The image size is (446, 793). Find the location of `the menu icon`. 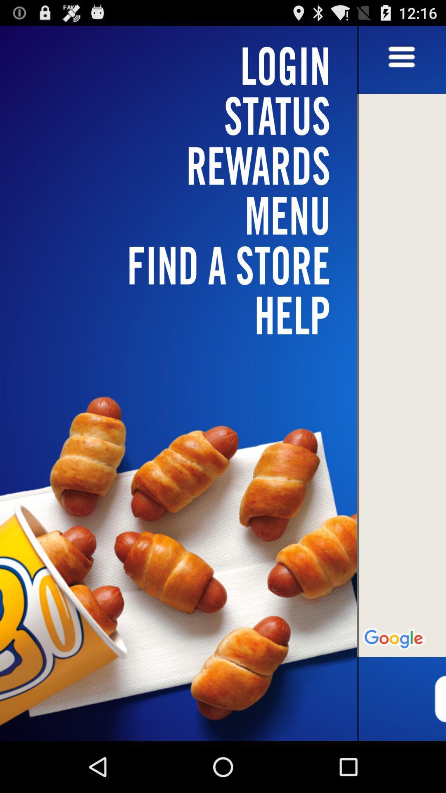

the menu icon is located at coordinates (401, 61).